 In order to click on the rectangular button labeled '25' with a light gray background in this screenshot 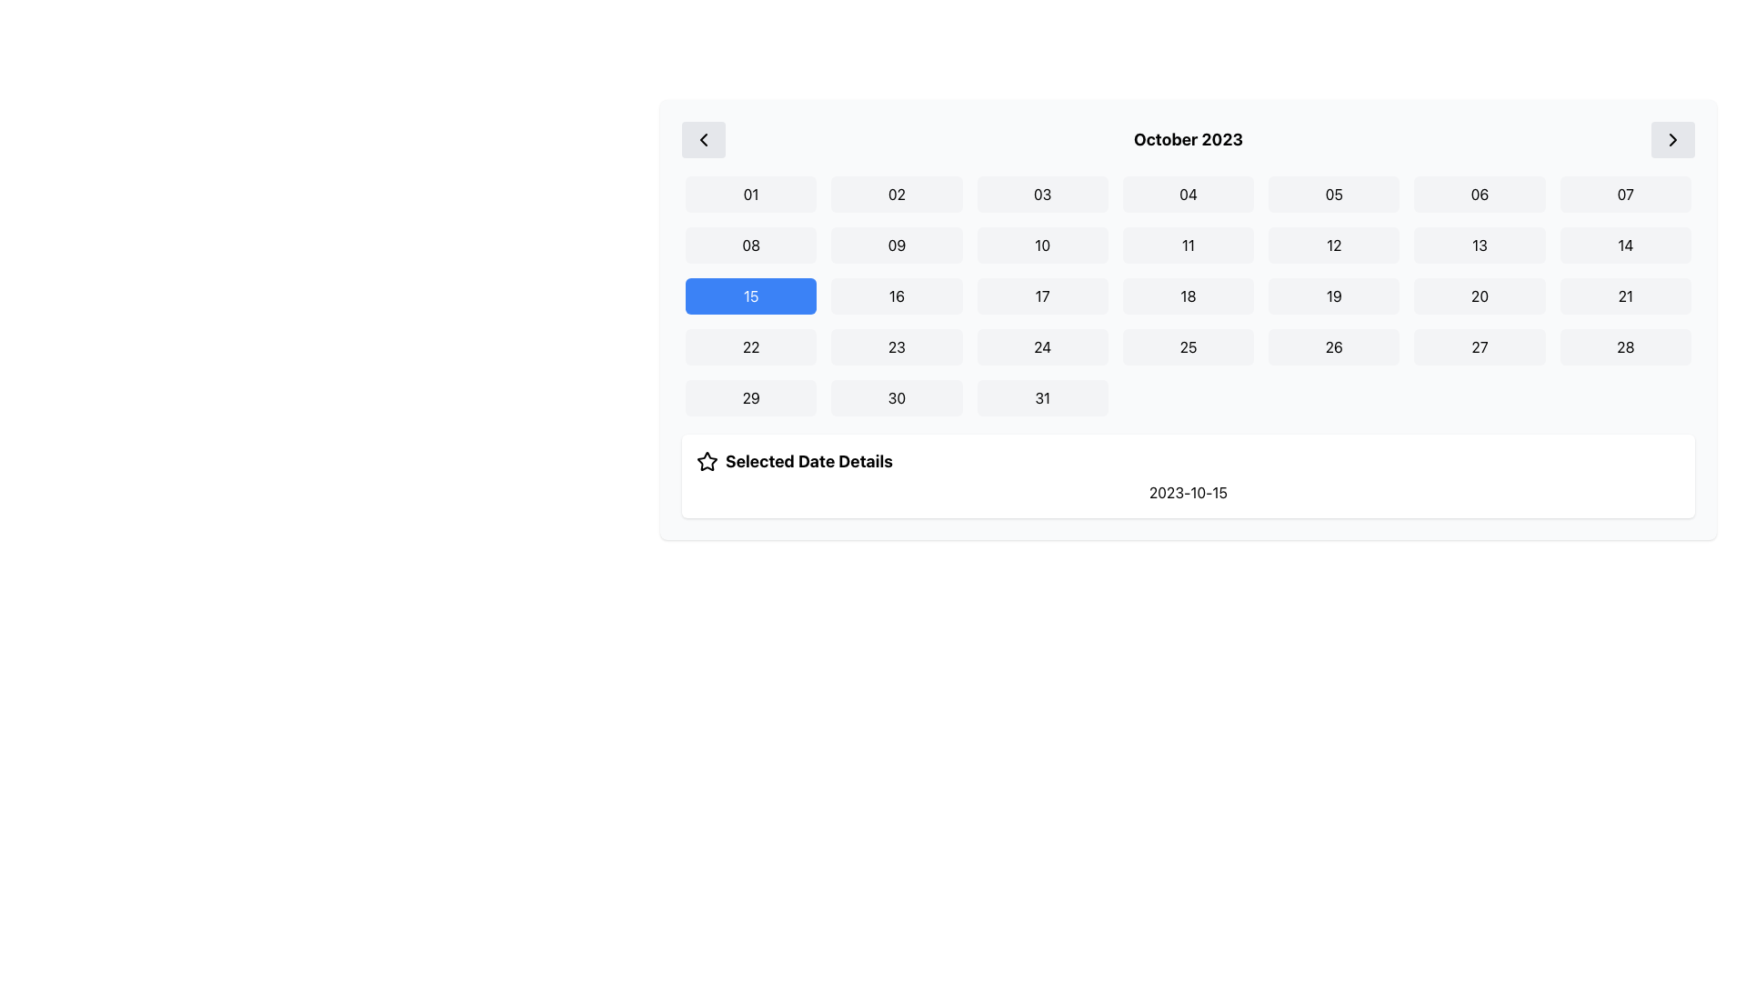, I will do `click(1188, 346)`.